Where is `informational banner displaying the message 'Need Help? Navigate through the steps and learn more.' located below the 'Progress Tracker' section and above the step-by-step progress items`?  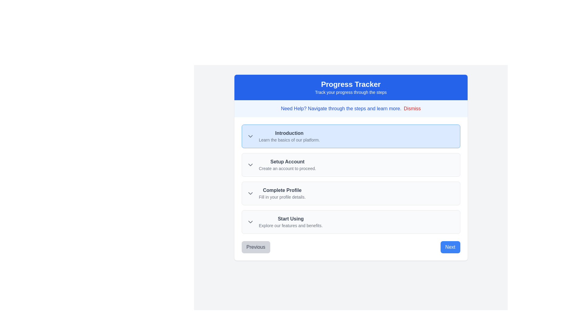
informational banner displaying the message 'Need Help? Navigate through the steps and learn more.' located below the 'Progress Tracker' section and above the step-by-step progress items is located at coordinates (351, 108).